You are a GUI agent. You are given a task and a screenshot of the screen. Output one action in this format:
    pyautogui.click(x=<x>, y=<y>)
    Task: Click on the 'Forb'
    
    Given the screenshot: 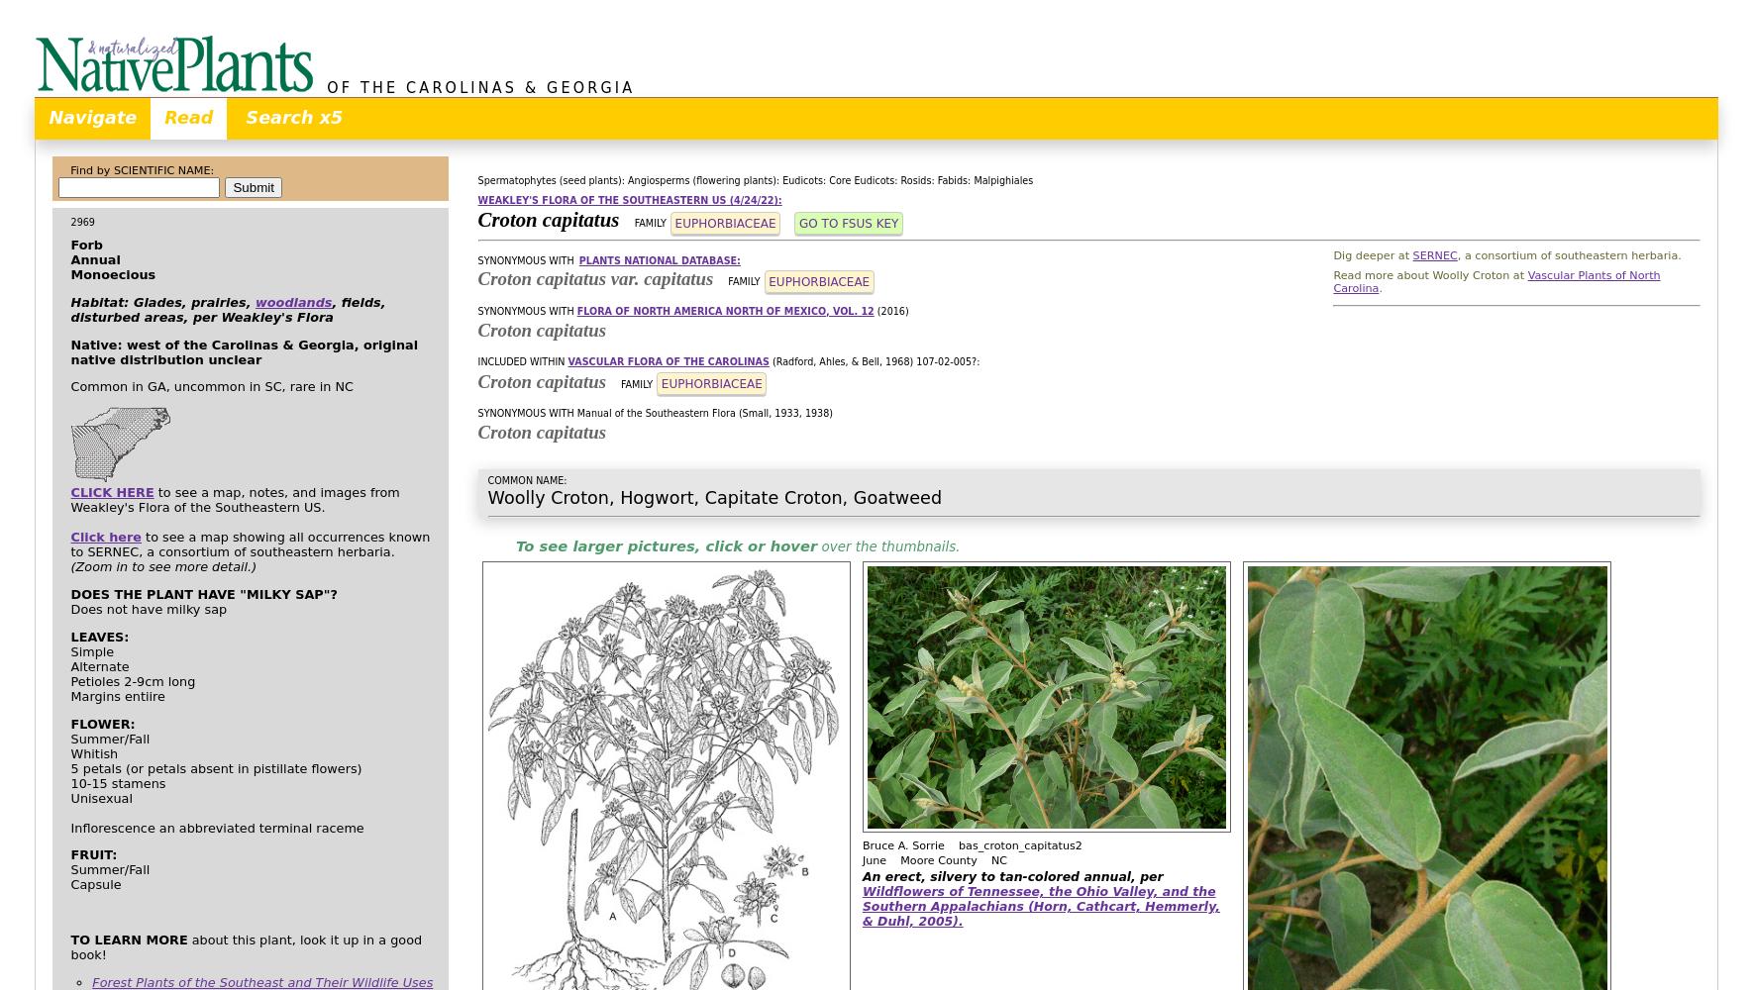 What is the action you would take?
    pyautogui.click(x=85, y=243)
    